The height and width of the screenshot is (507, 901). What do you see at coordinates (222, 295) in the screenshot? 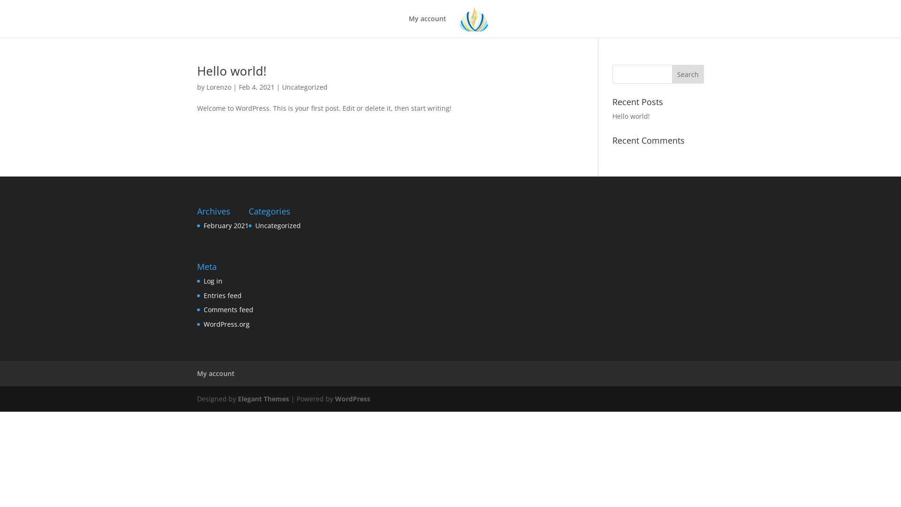
I see `'Entries feed'` at bounding box center [222, 295].